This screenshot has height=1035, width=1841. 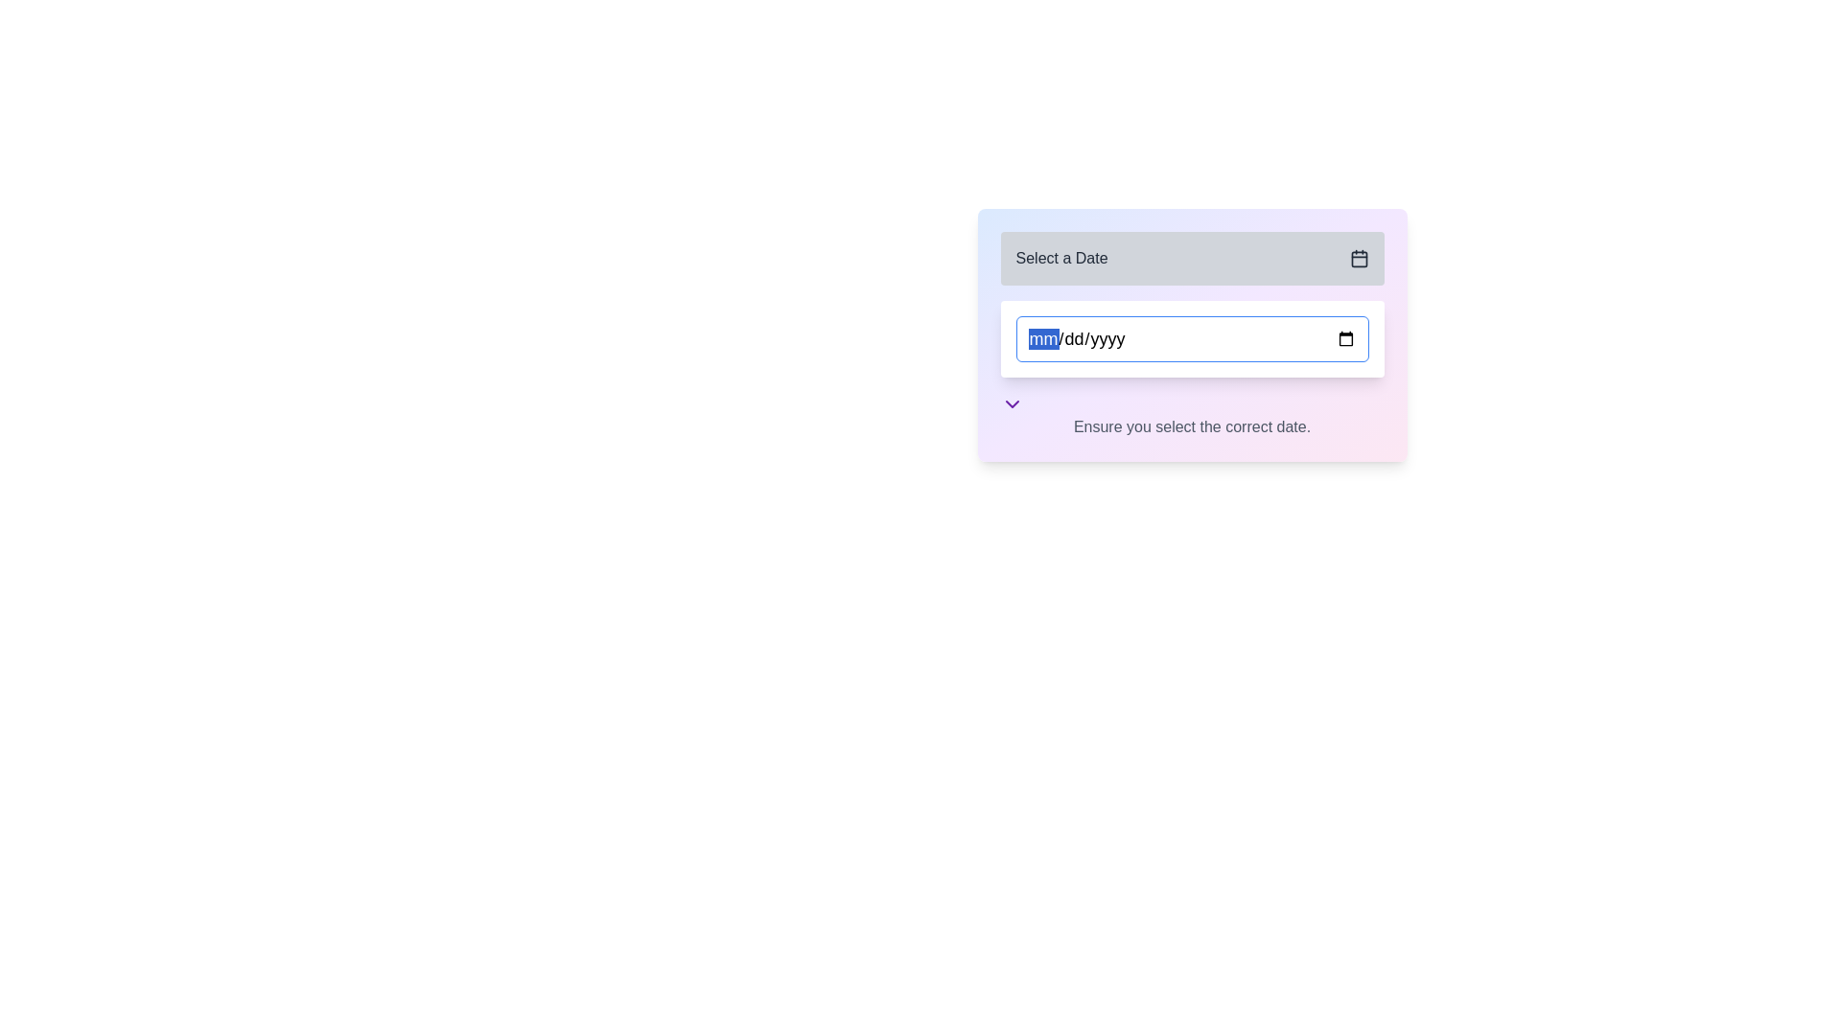 What do you see at coordinates (1191, 334) in the screenshot?
I see `the date input field labeled 'mm/dd/yyyy' in the Date input component` at bounding box center [1191, 334].